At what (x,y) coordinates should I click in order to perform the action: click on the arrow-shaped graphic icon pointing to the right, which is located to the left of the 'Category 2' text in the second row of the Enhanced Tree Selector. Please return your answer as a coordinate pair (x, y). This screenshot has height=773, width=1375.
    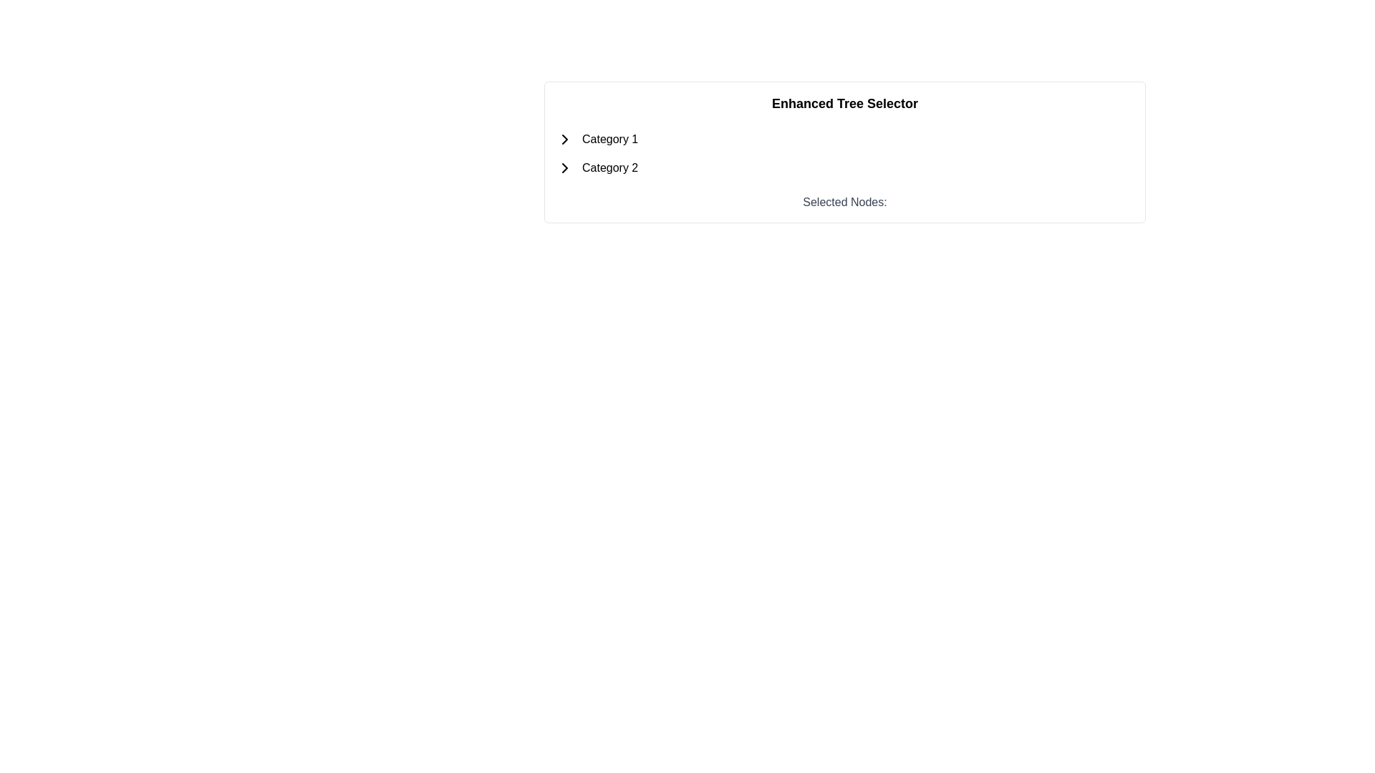
    Looking at the image, I should click on (564, 167).